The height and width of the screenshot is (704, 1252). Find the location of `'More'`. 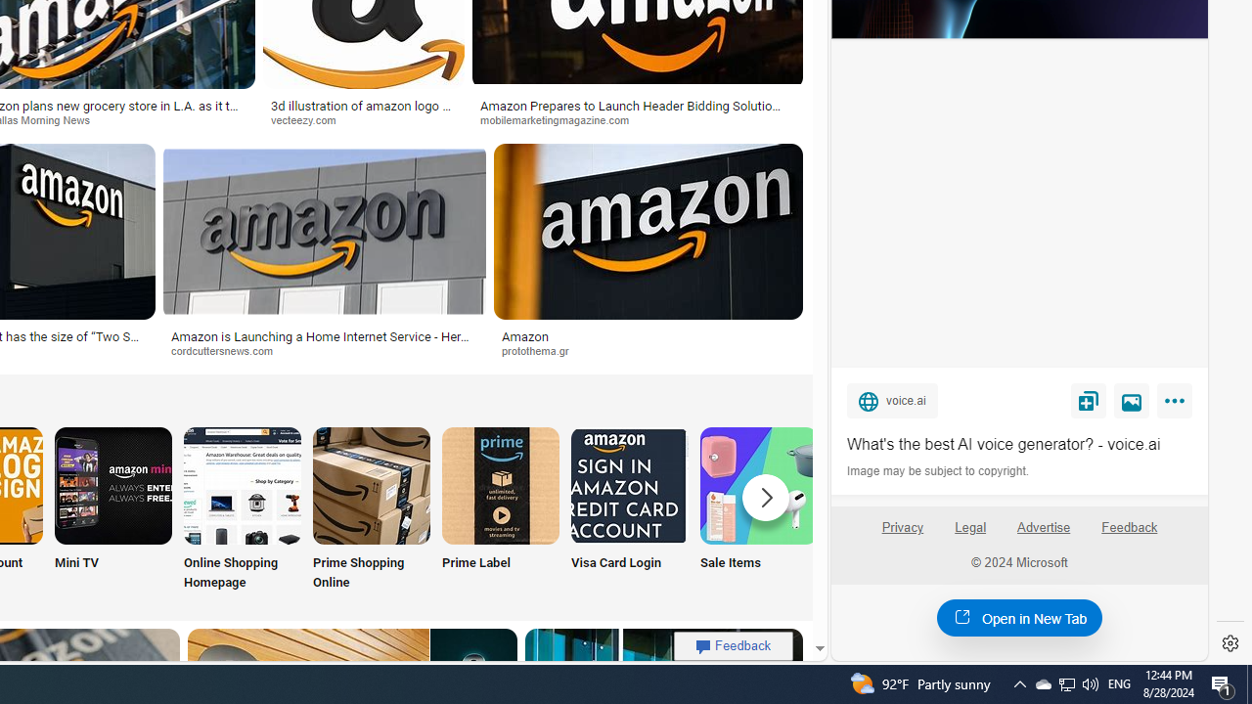

'More' is located at coordinates (1177, 403).